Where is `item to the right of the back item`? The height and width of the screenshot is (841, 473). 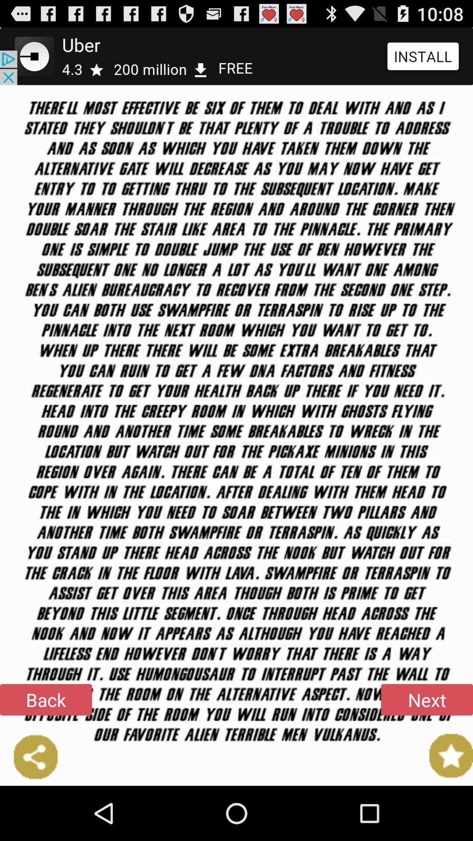
item to the right of the back item is located at coordinates (427, 699).